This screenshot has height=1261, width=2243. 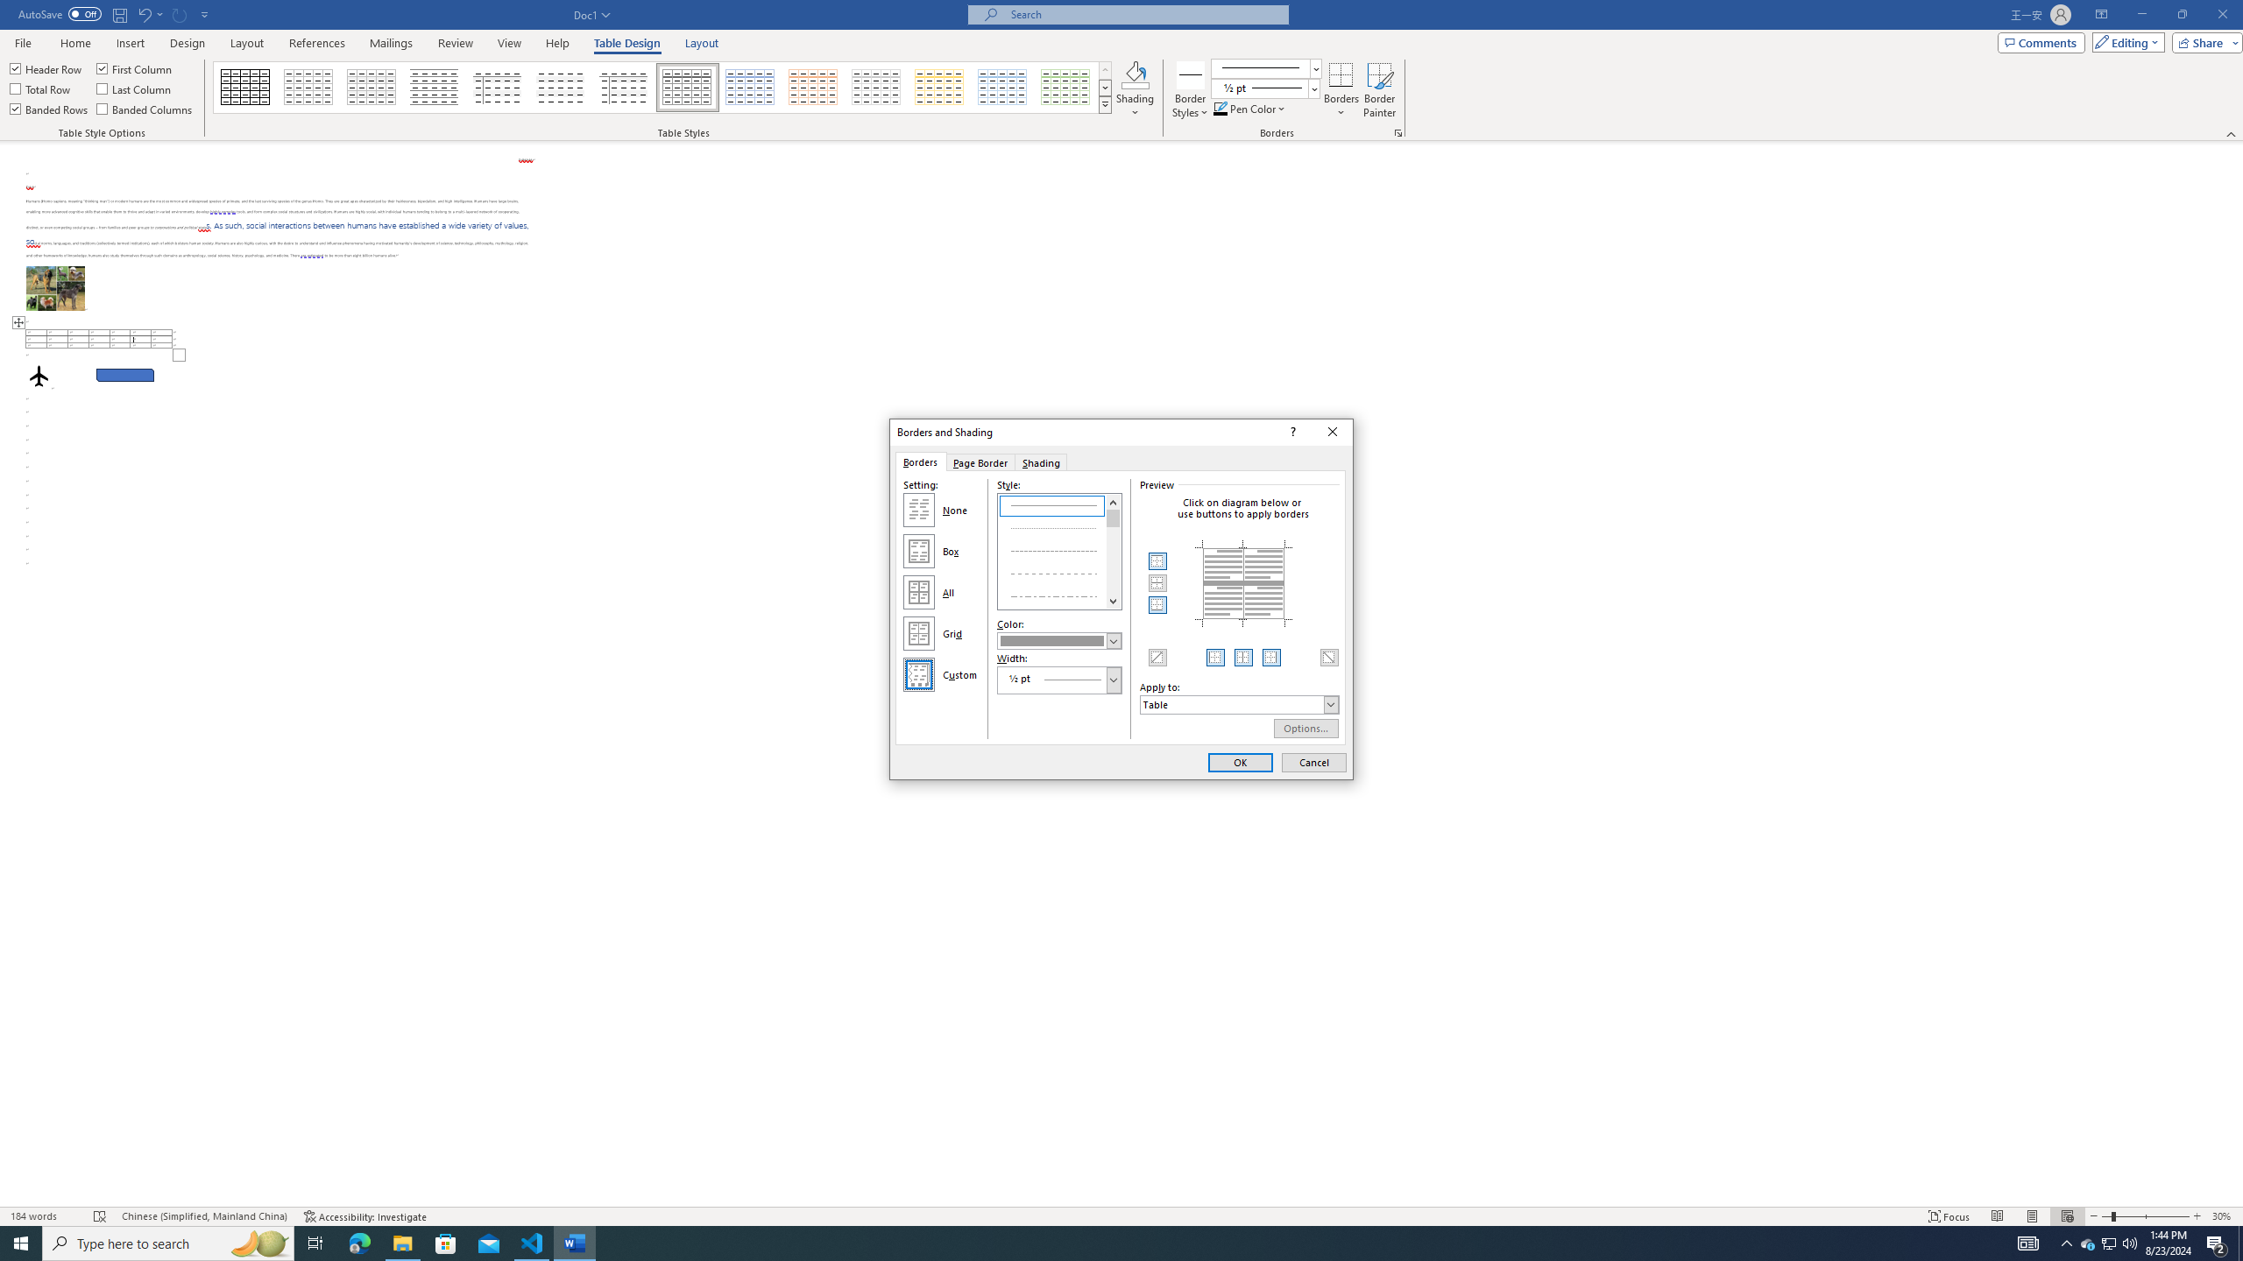 I want to click on 'Diagonal Up Border', so click(x=1157, y=657).